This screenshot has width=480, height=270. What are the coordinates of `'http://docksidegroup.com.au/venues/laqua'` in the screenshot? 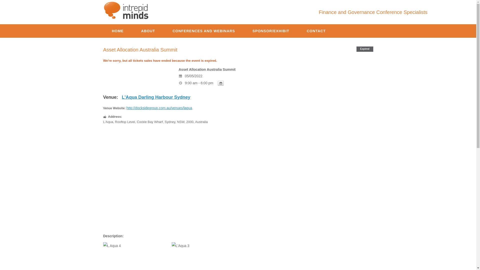 It's located at (159, 108).